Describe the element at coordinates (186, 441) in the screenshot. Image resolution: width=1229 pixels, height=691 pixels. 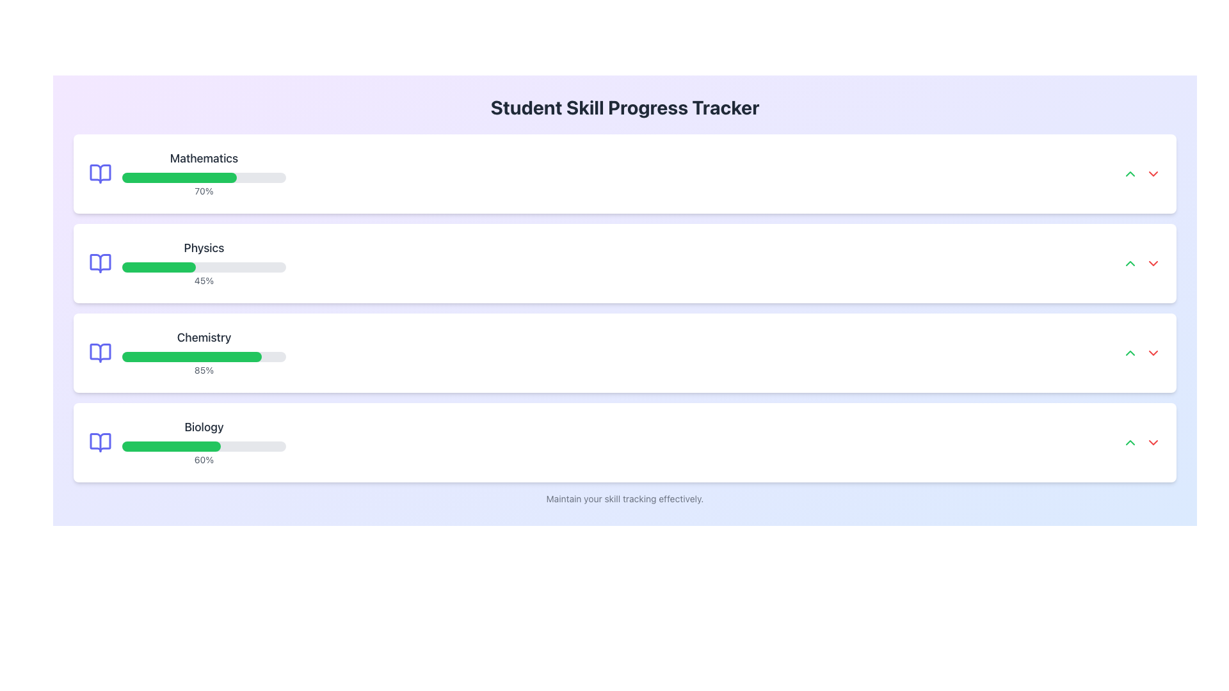
I see `the Progress Indicator in the Biology section of the Student Skill Progress Tracker interface, located below the sections for Mathematics, Physics, and Chemistry` at that location.